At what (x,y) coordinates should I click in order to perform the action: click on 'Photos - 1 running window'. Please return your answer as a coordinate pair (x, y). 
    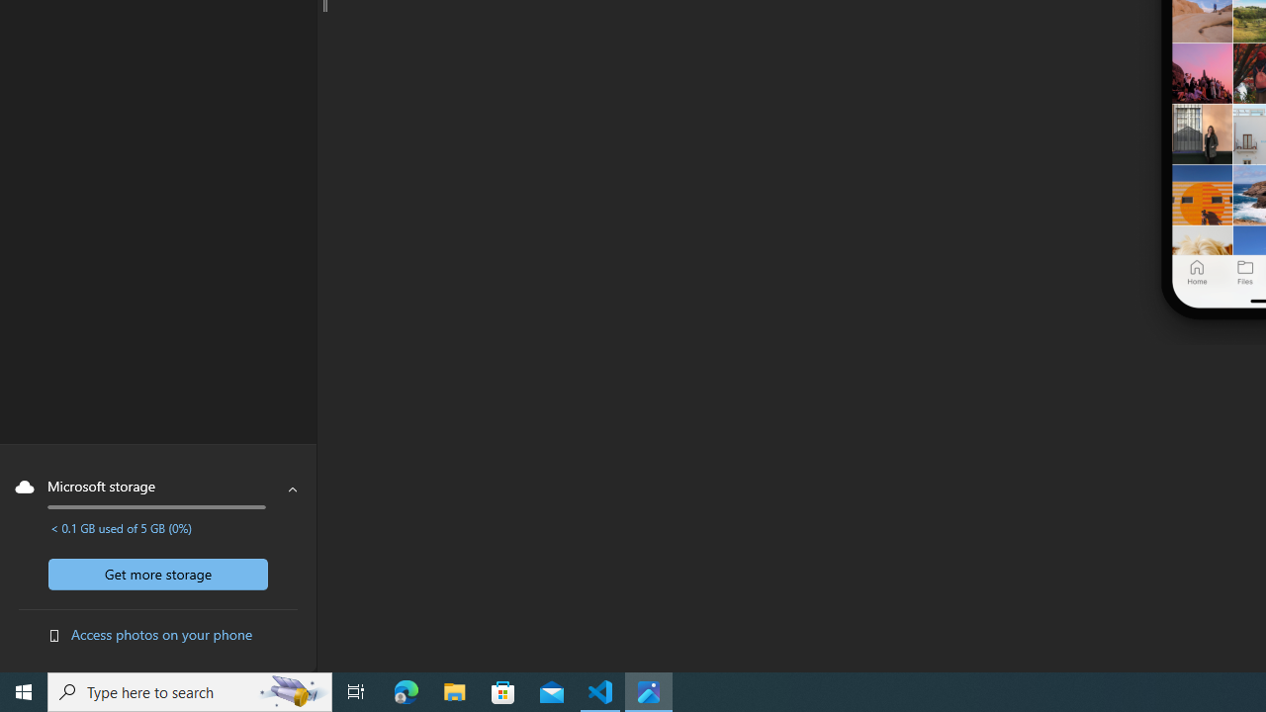
    Looking at the image, I should click on (649, 690).